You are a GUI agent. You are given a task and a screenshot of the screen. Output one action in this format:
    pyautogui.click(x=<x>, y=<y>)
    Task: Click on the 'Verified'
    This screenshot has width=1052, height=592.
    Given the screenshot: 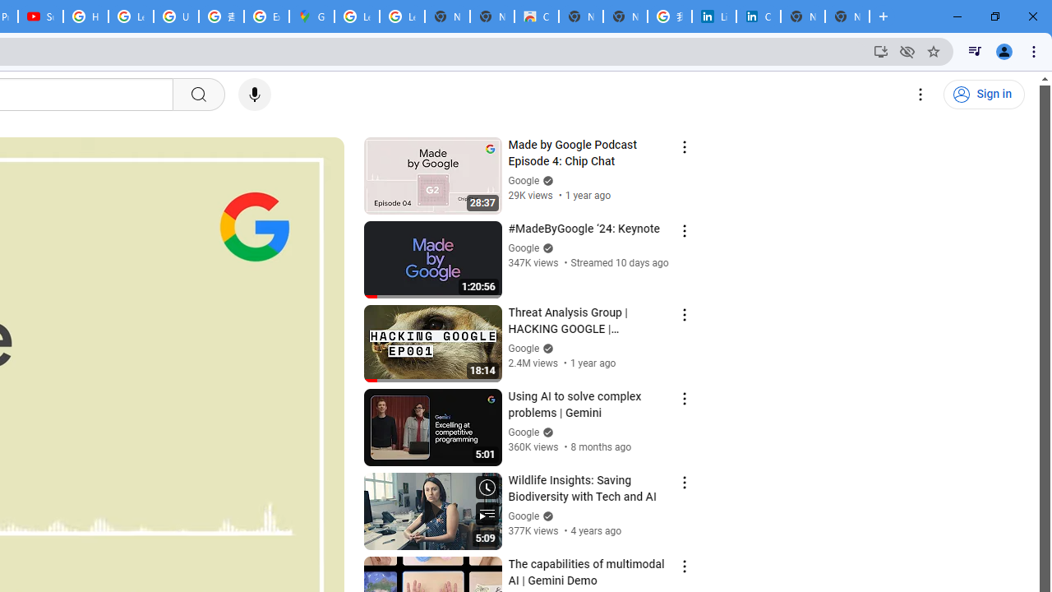 What is the action you would take?
    pyautogui.click(x=546, y=515)
    